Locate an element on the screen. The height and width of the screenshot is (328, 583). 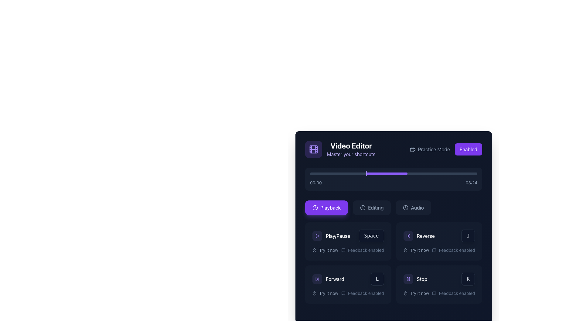
the informational text element located in the lower-right section of the interface under the 'Stop' playback control, which encourages users to try the 'Stop' playback action is located at coordinates (416, 293).